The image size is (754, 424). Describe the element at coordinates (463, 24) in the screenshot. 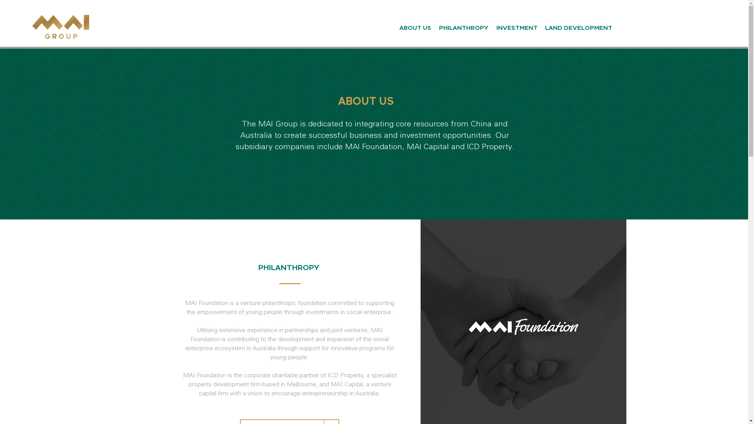

I see `'PHILANTHROPY'` at that location.